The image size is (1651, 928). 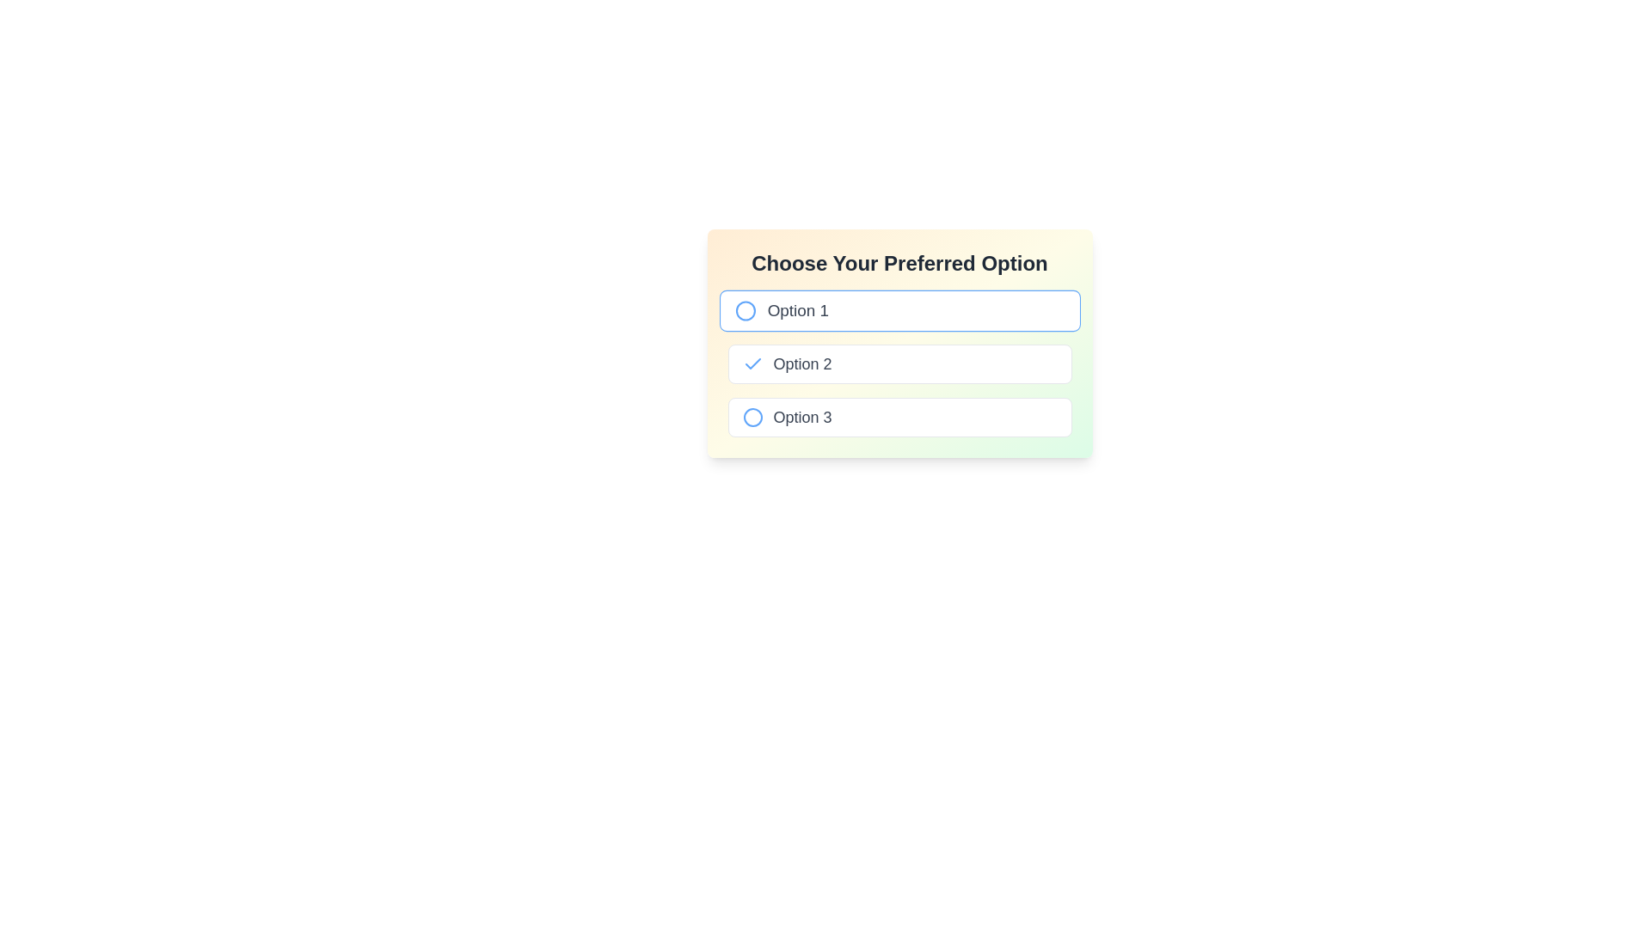 I want to click on the state of the blue checkmark icon located inside the 'Option 2' block, positioned immediately to the left of the text label 'Option 2', so click(x=752, y=363).